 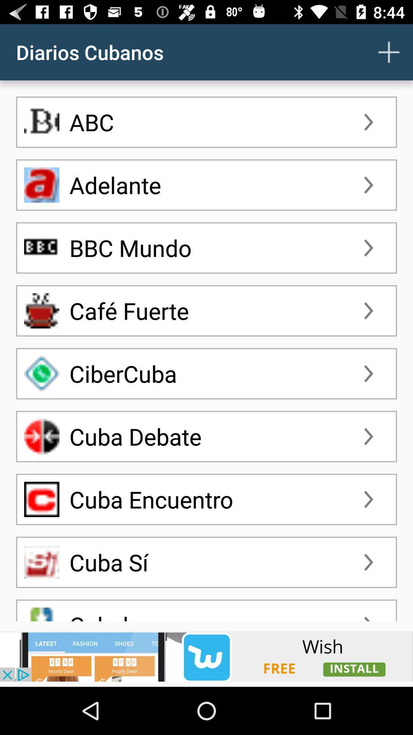 What do you see at coordinates (389, 52) in the screenshot?
I see `a contact` at bounding box center [389, 52].